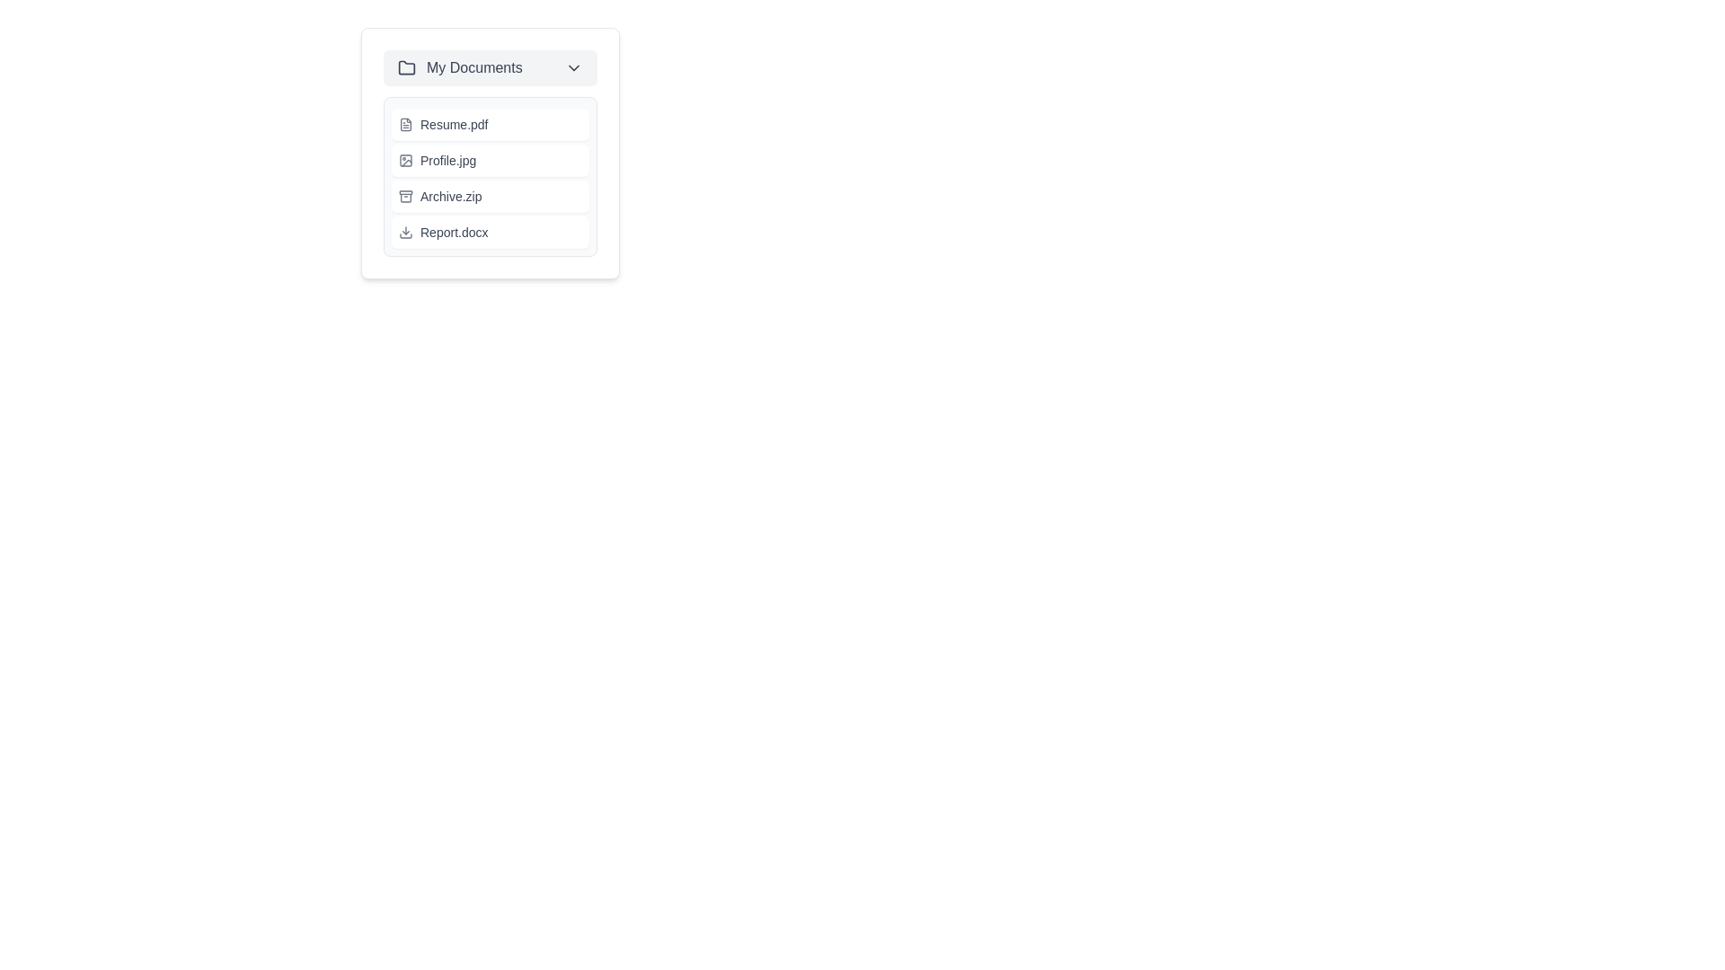  I want to click on the text label displaying 'Archive.zip' located within the third item of the vertical list under 'My Documents', so click(451, 197).